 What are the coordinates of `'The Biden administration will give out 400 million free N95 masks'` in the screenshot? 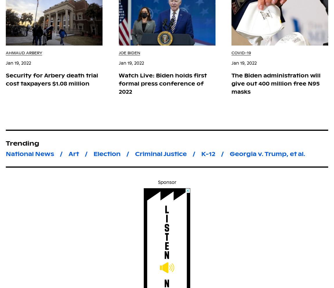 It's located at (276, 83).